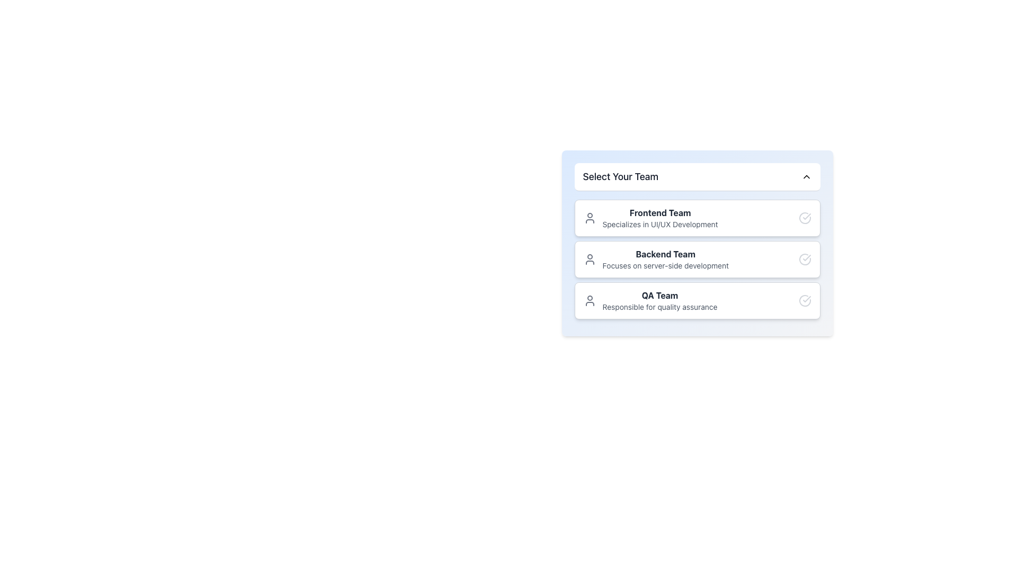 The image size is (1017, 572). Describe the element at coordinates (659, 300) in the screenshot. I see `the 'QA Team' text block, which displays the text 'QA Team' in bold followed by 'Responsible for quality assurance', positioned as the third entry in a vertical list of team descriptions` at that location.